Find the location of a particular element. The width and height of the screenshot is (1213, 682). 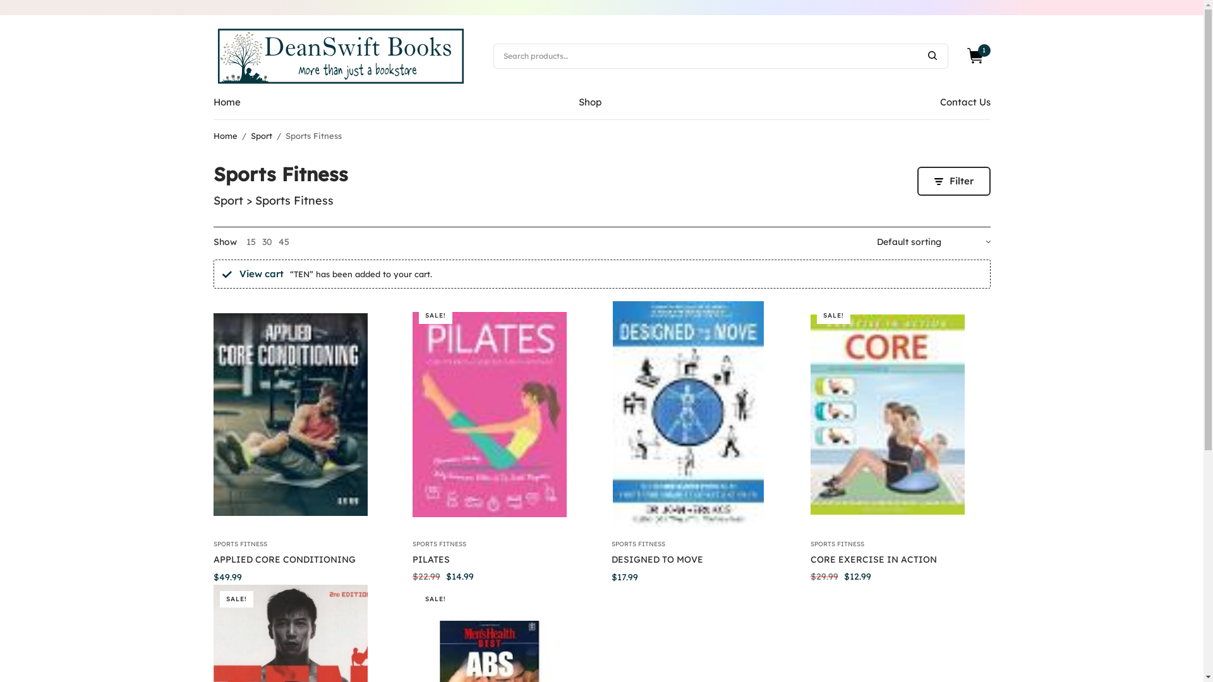

'Home' is located at coordinates (213, 101).